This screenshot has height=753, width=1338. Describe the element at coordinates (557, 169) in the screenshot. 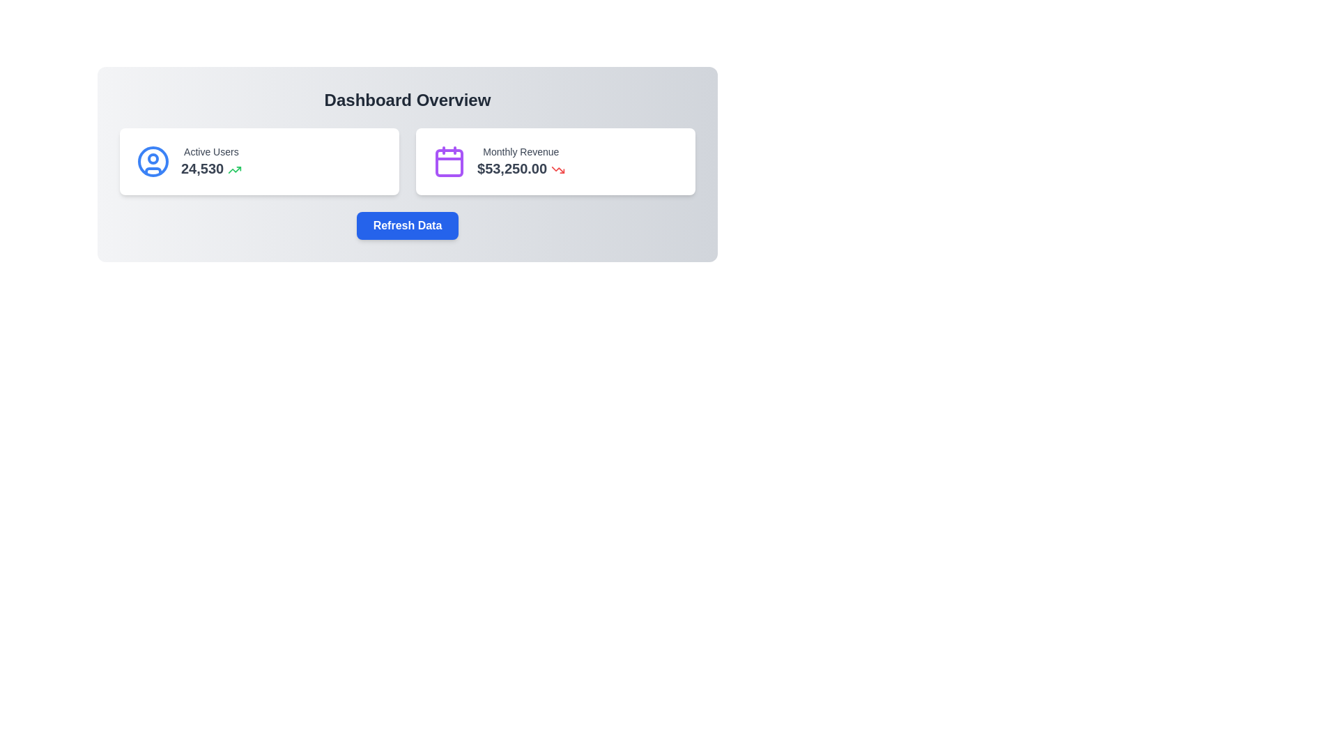

I see `the downward trend icon located in the lower-right corner of the 'Monthly Revenue' card for visual information` at that location.